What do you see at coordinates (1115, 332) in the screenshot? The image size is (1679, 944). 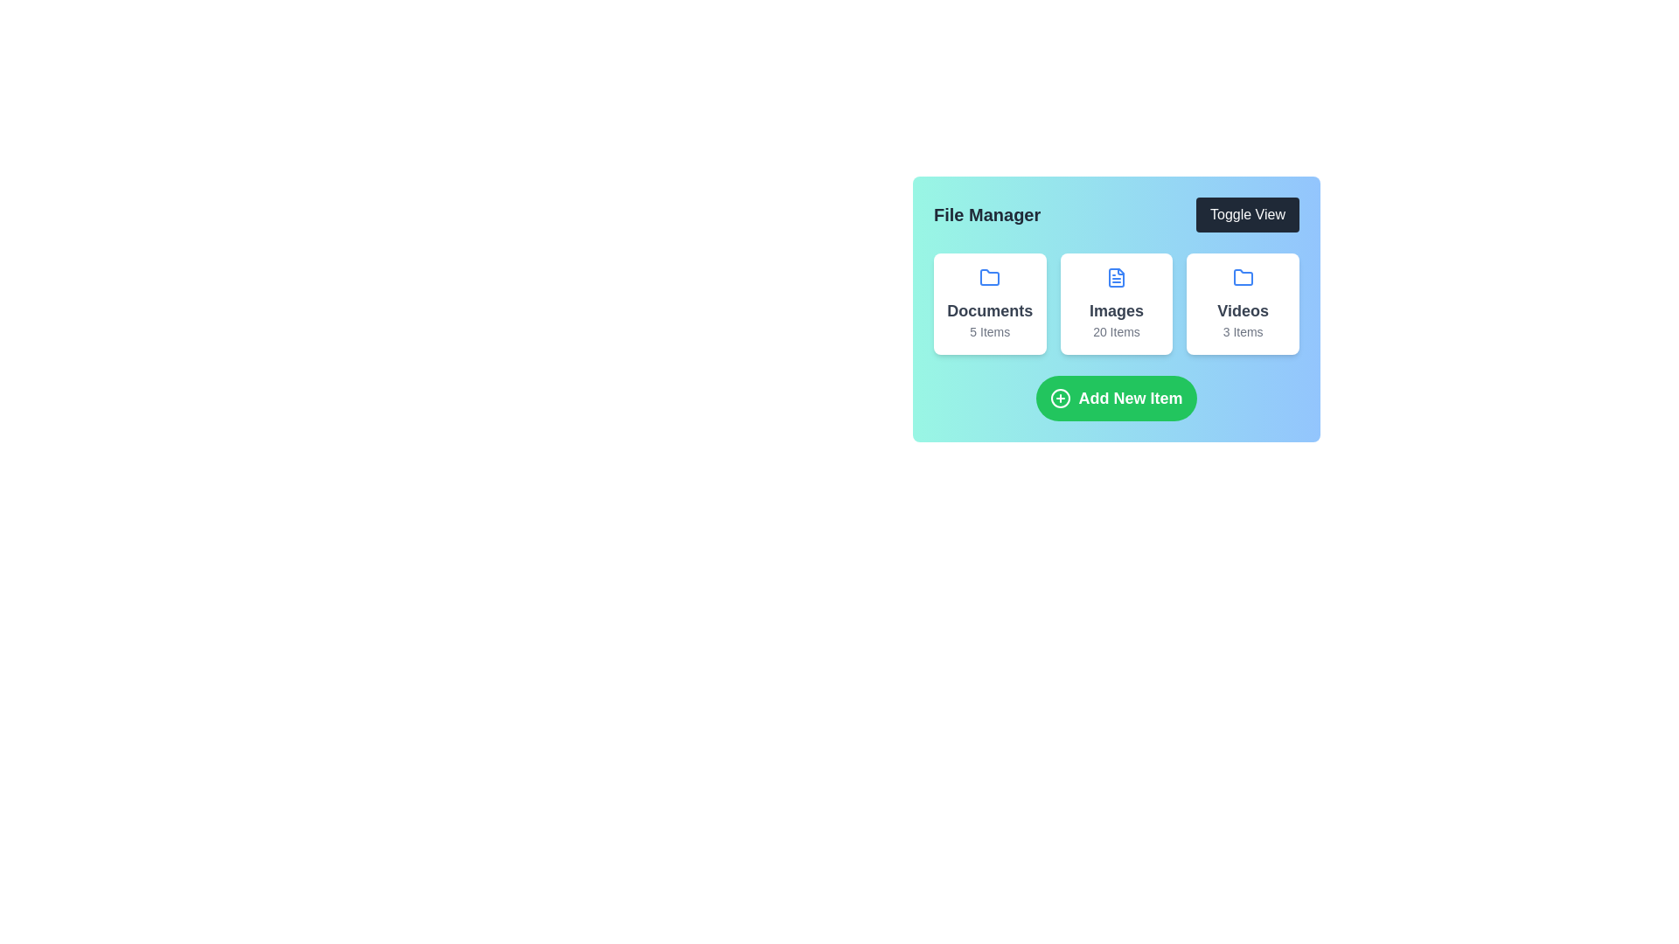 I see `the Text label displaying the number of items ('20') in the 'Images' category, which is centrally aligned below the 'Images' label` at bounding box center [1115, 332].